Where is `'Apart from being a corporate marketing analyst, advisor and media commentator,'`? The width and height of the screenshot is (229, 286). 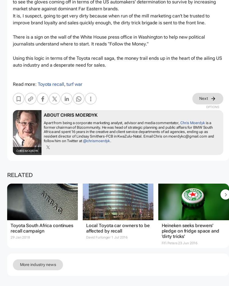 'Apart from being a corporate marketing analyst, advisor and media commentator,' is located at coordinates (112, 123).